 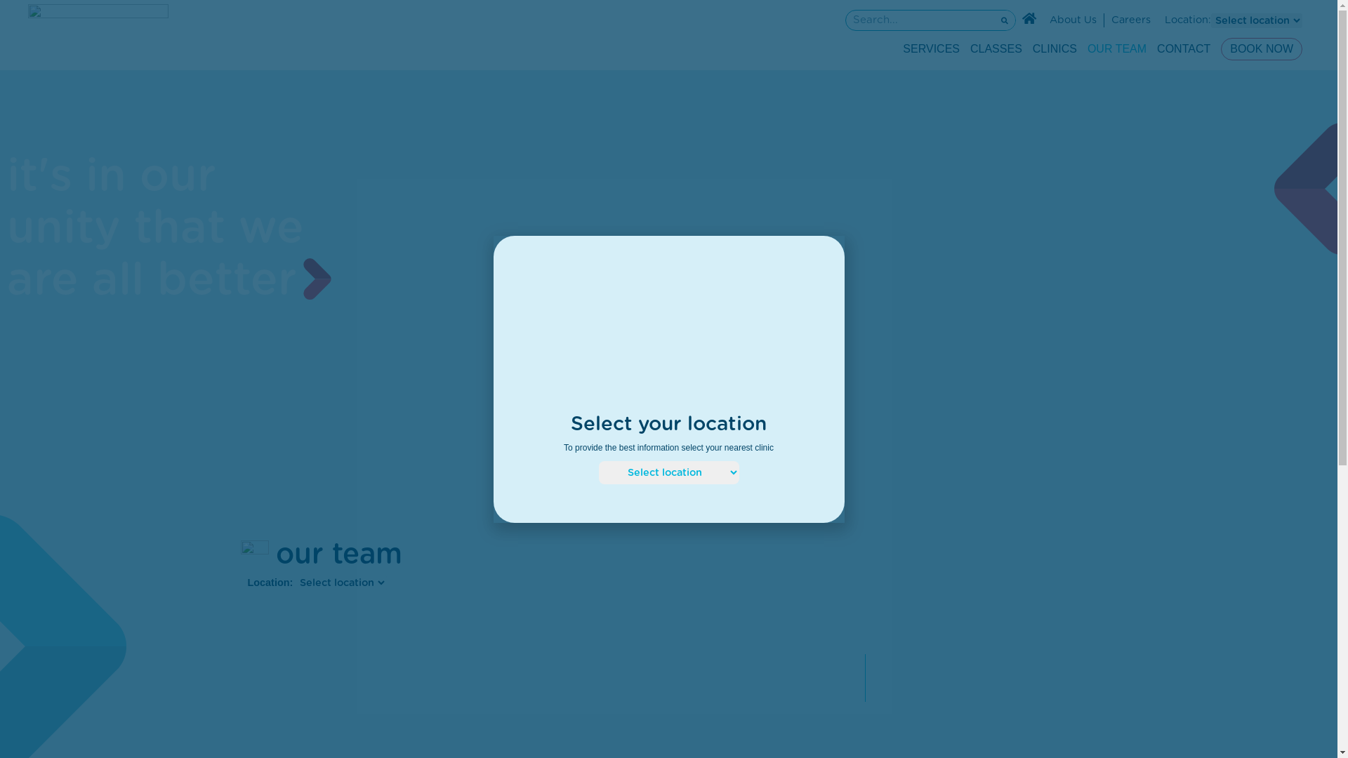 I want to click on 'BOOK NOW', so click(x=1261, y=48).